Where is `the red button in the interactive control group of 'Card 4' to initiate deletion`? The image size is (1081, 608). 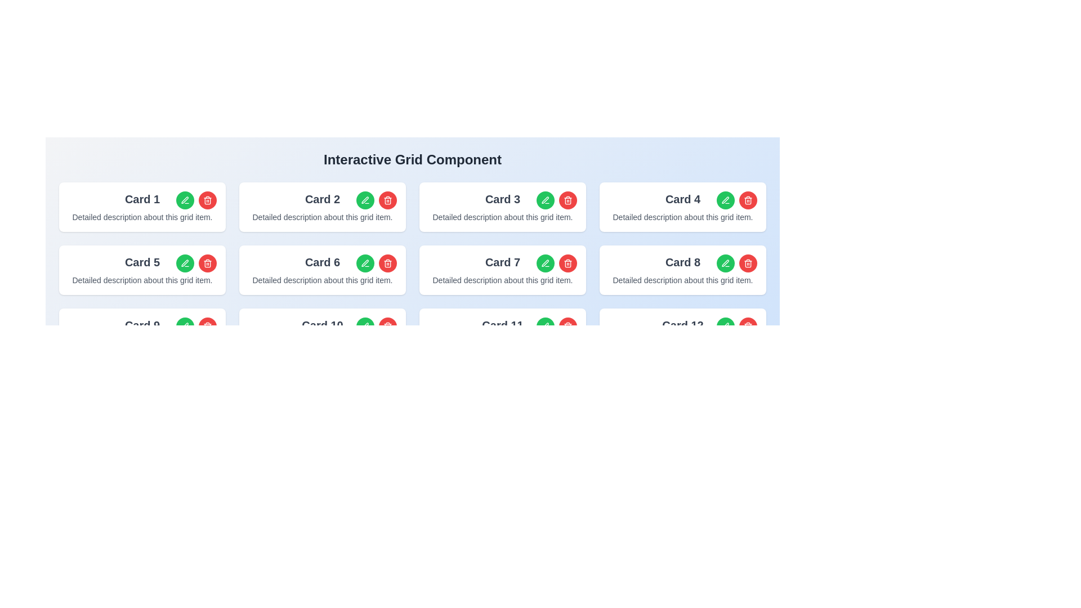 the red button in the interactive control group of 'Card 4' to initiate deletion is located at coordinates (737, 199).